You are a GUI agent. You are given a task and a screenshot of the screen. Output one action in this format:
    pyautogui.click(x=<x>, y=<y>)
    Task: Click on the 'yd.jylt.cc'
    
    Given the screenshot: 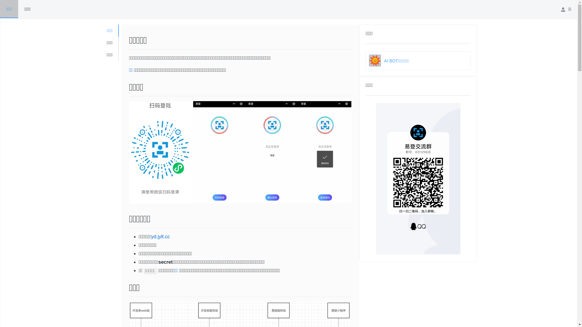 What is the action you would take?
    pyautogui.click(x=160, y=236)
    